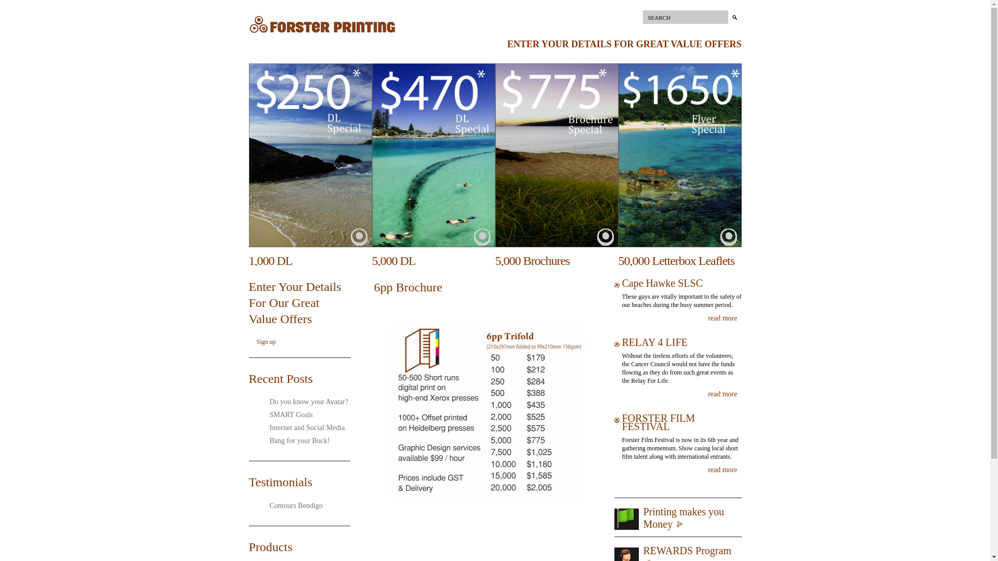 This screenshot has width=998, height=561. I want to click on ' ', so click(730, 237).